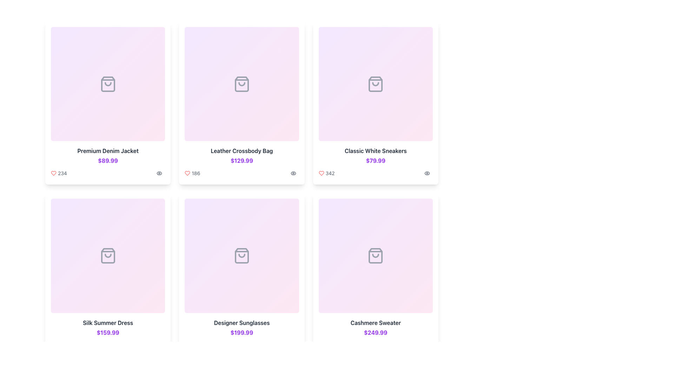 This screenshot has width=674, height=379. What do you see at coordinates (375, 274) in the screenshot?
I see `the interactive icons within the Product card component located in the third row and third column of the grid layout` at bounding box center [375, 274].